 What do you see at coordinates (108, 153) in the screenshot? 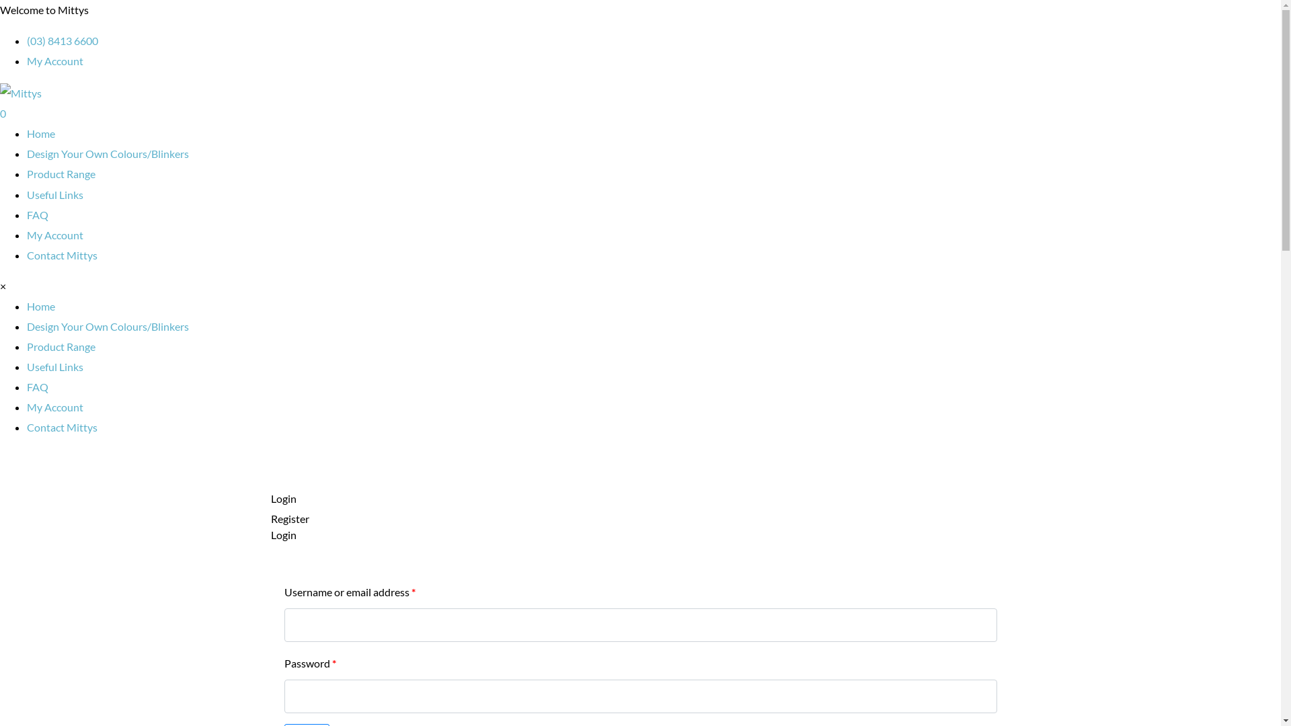
I see `'Design Your Own Colours/Blinkers'` at bounding box center [108, 153].